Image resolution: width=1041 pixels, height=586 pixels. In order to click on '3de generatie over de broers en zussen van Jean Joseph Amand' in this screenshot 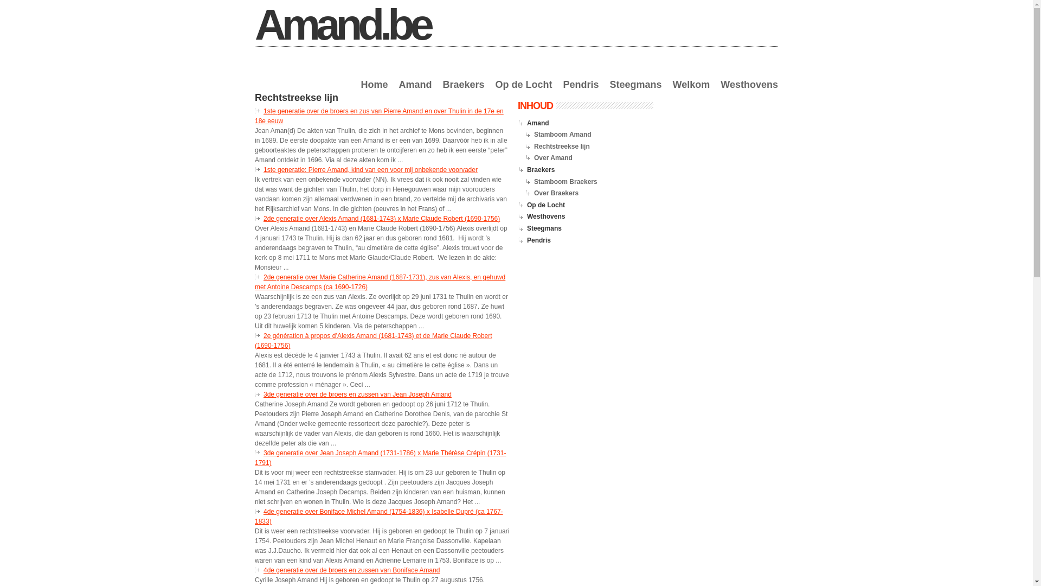, I will do `click(357, 394)`.